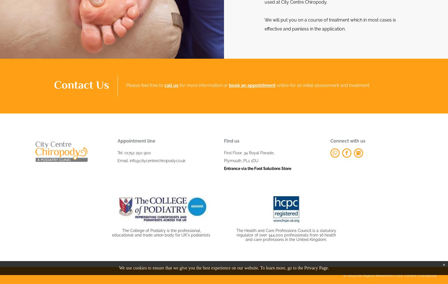 This screenshot has height=284, width=448. Describe the element at coordinates (330, 24) in the screenshot. I see `'We will put you on a course of treatment which in most cases is effective and painless in the application.'` at that location.